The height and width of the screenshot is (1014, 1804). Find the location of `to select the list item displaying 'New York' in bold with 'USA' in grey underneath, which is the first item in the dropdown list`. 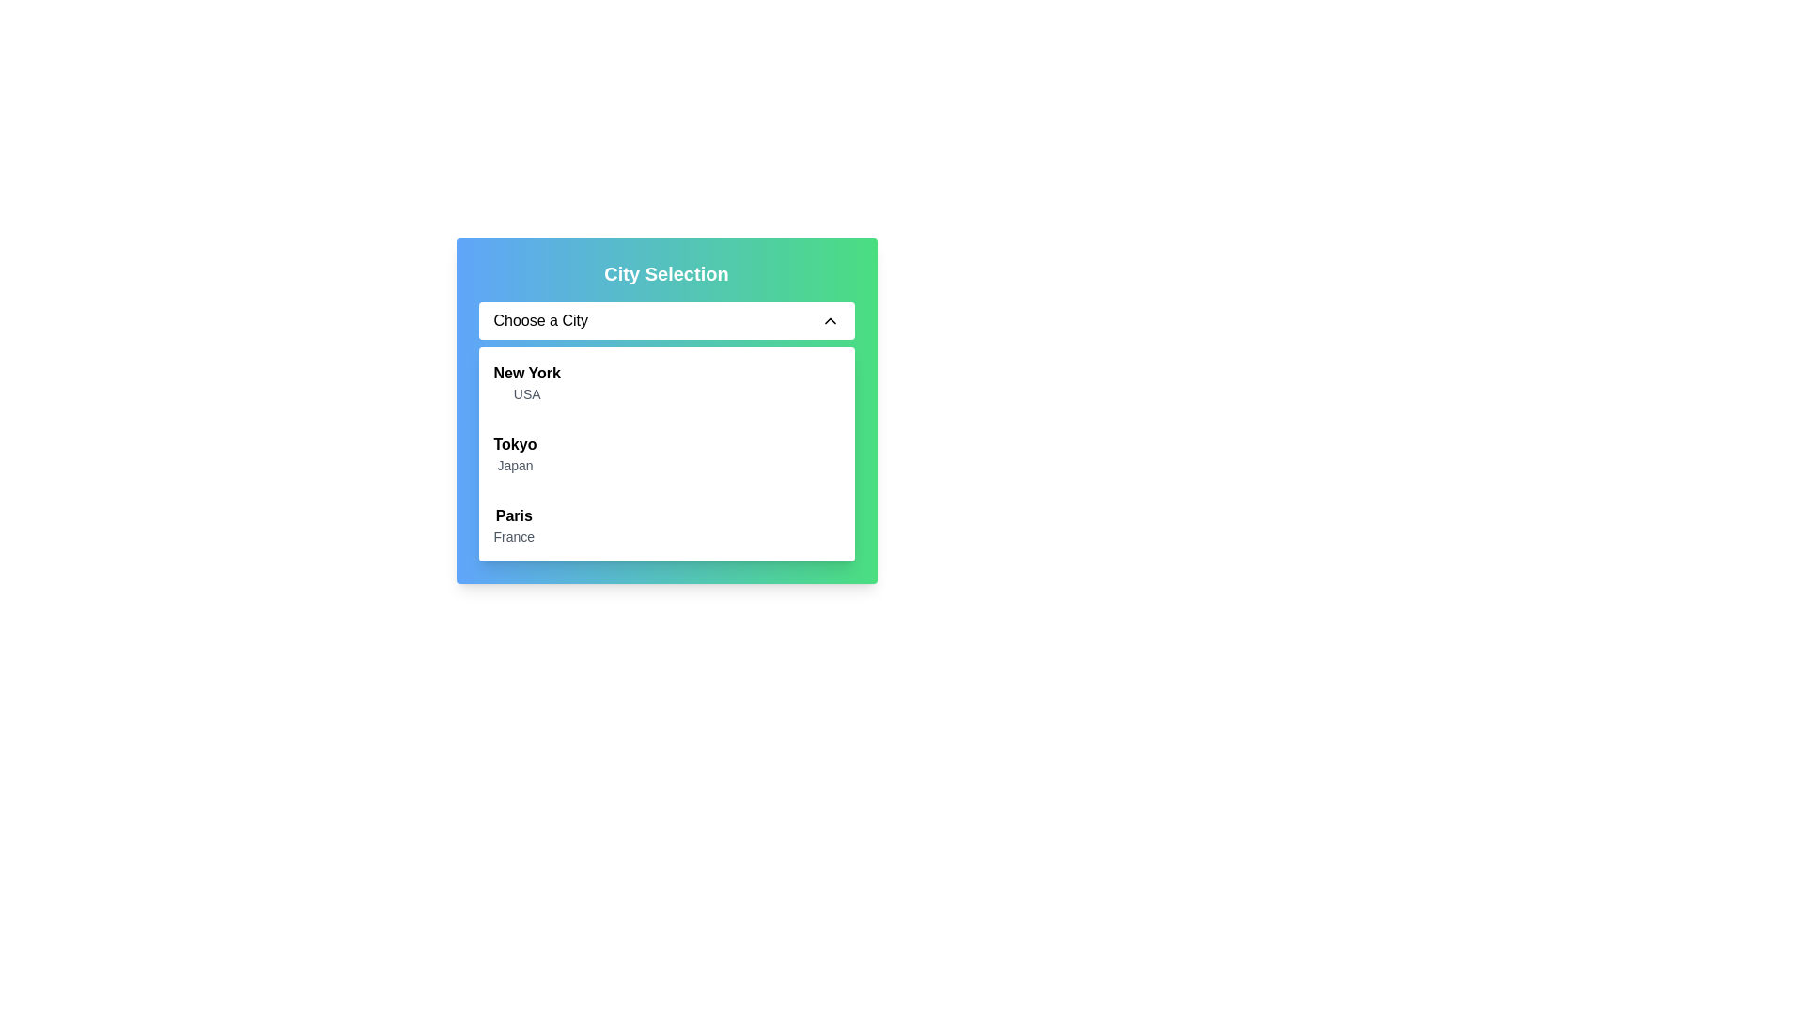

to select the list item displaying 'New York' in bold with 'USA' in grey underneath, which is the first item in the dropdown list is located at coordinates (666, 382).